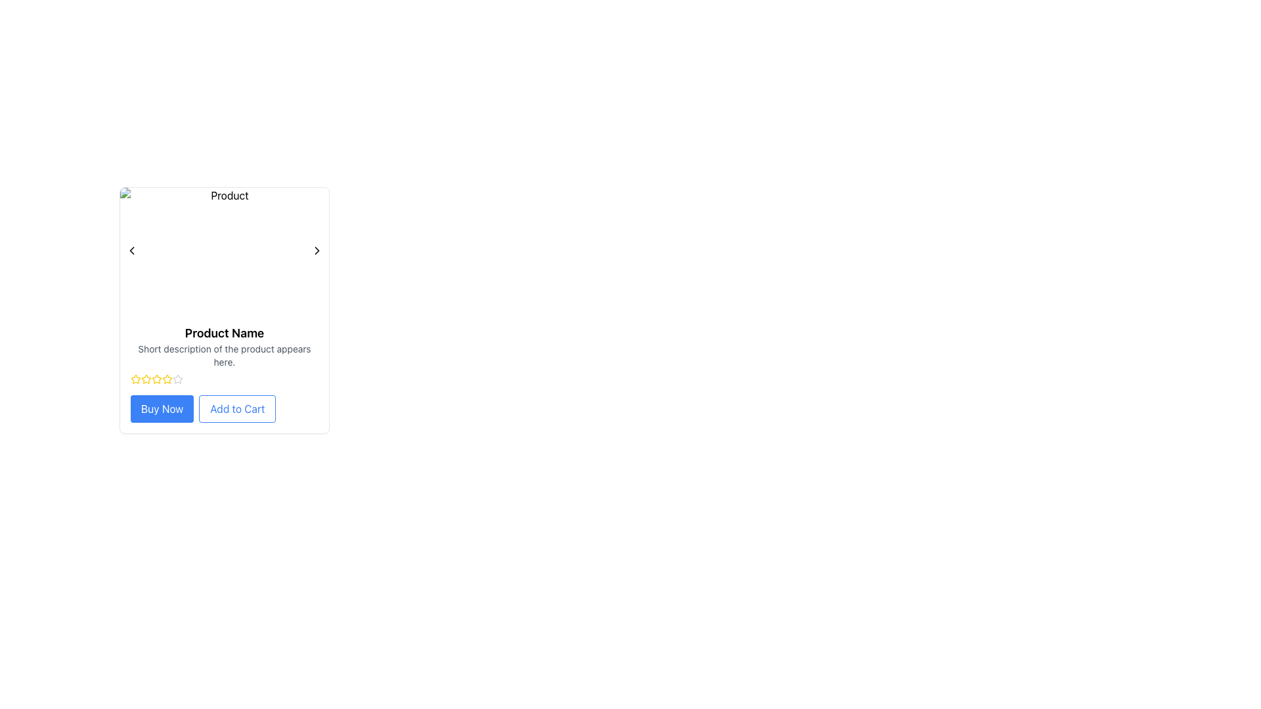  I want to click on the second star icon from the left, so click(135, 379).